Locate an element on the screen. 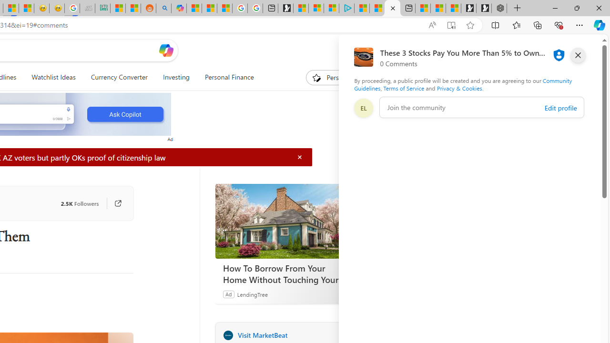 The width and height of the screenshot is (610, 343). 'These 3 Stocks Pay You More Than 5% to Own Them' is located at coordinates (392, 8).